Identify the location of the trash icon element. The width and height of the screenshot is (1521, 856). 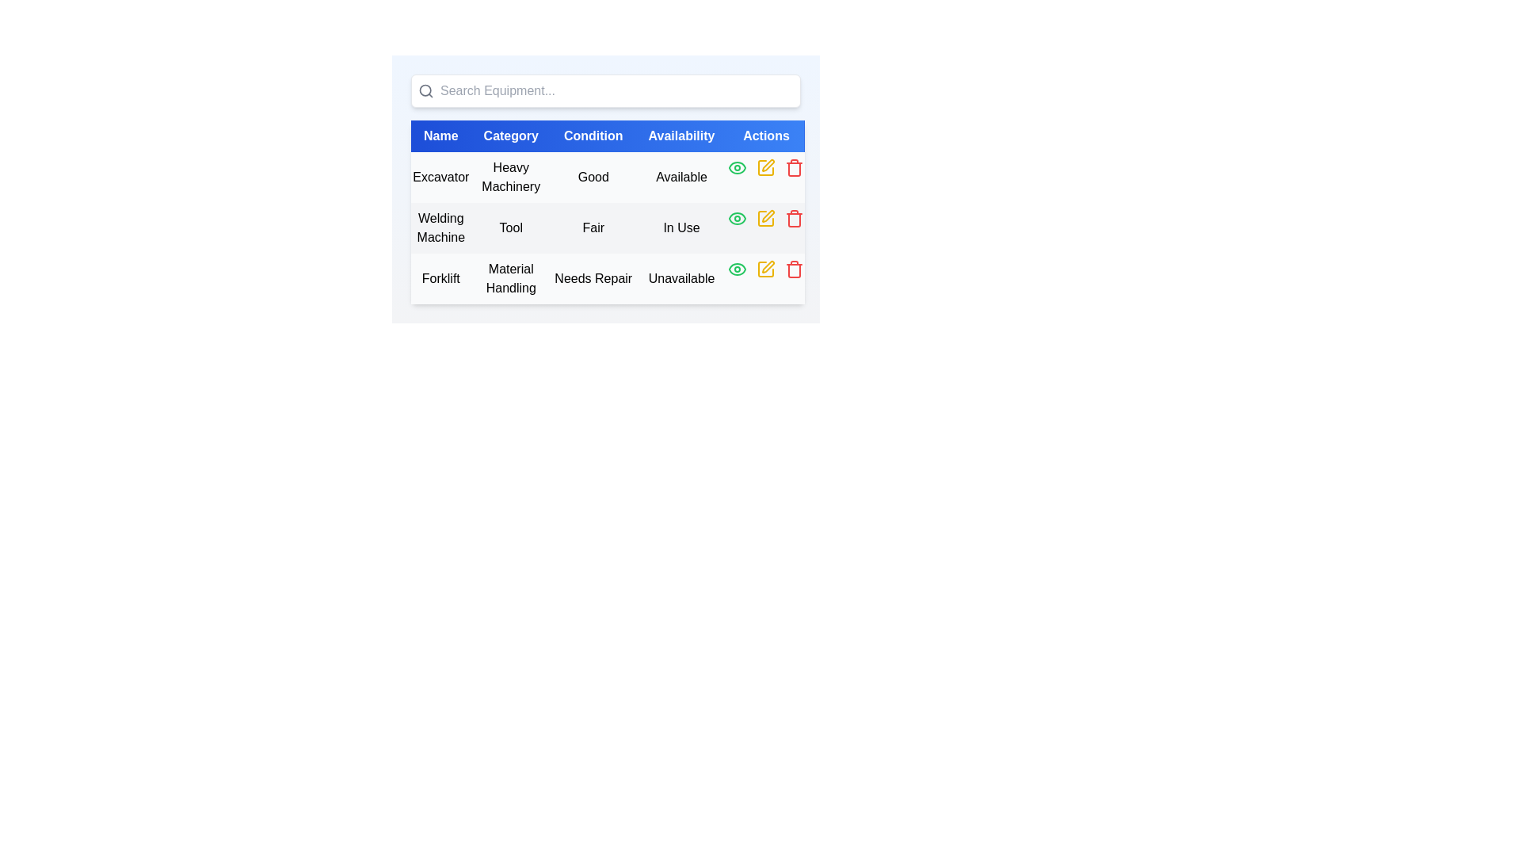
(795, 270).